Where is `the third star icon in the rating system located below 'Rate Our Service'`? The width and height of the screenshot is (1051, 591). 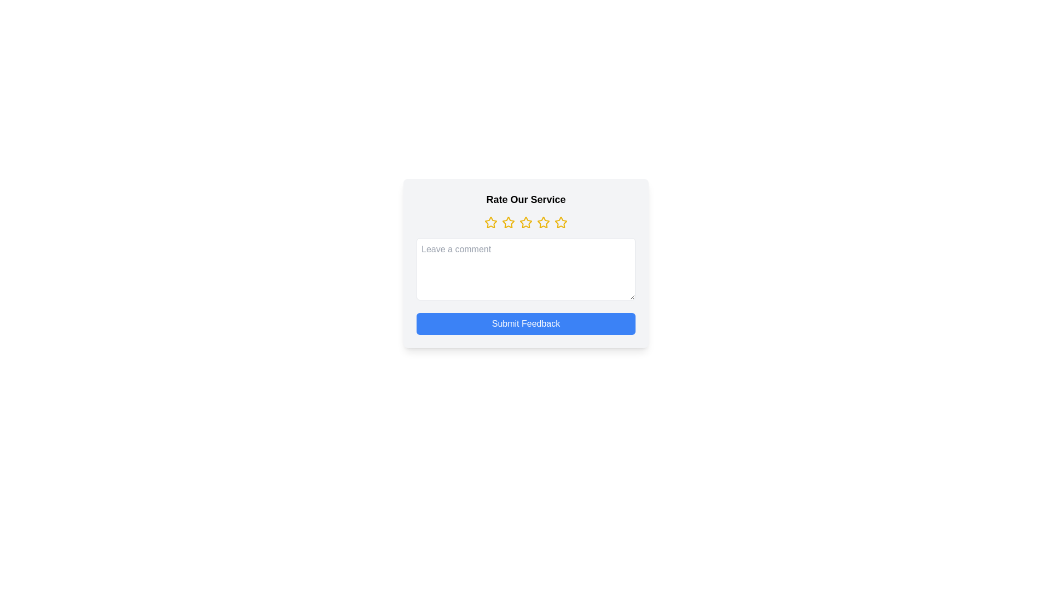
the third star icon in the rating system located below 'Rate Our Service' is located at coordinates (508, 222).